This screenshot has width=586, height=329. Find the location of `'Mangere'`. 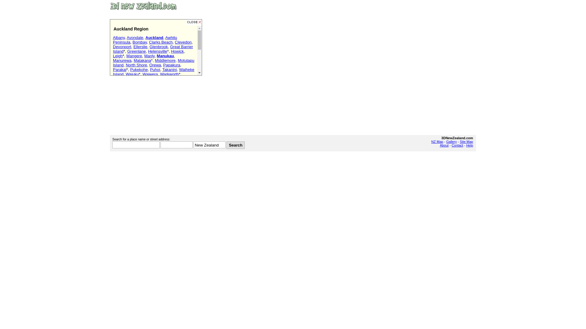

'Mangere' is located at coordinates (126, 56).